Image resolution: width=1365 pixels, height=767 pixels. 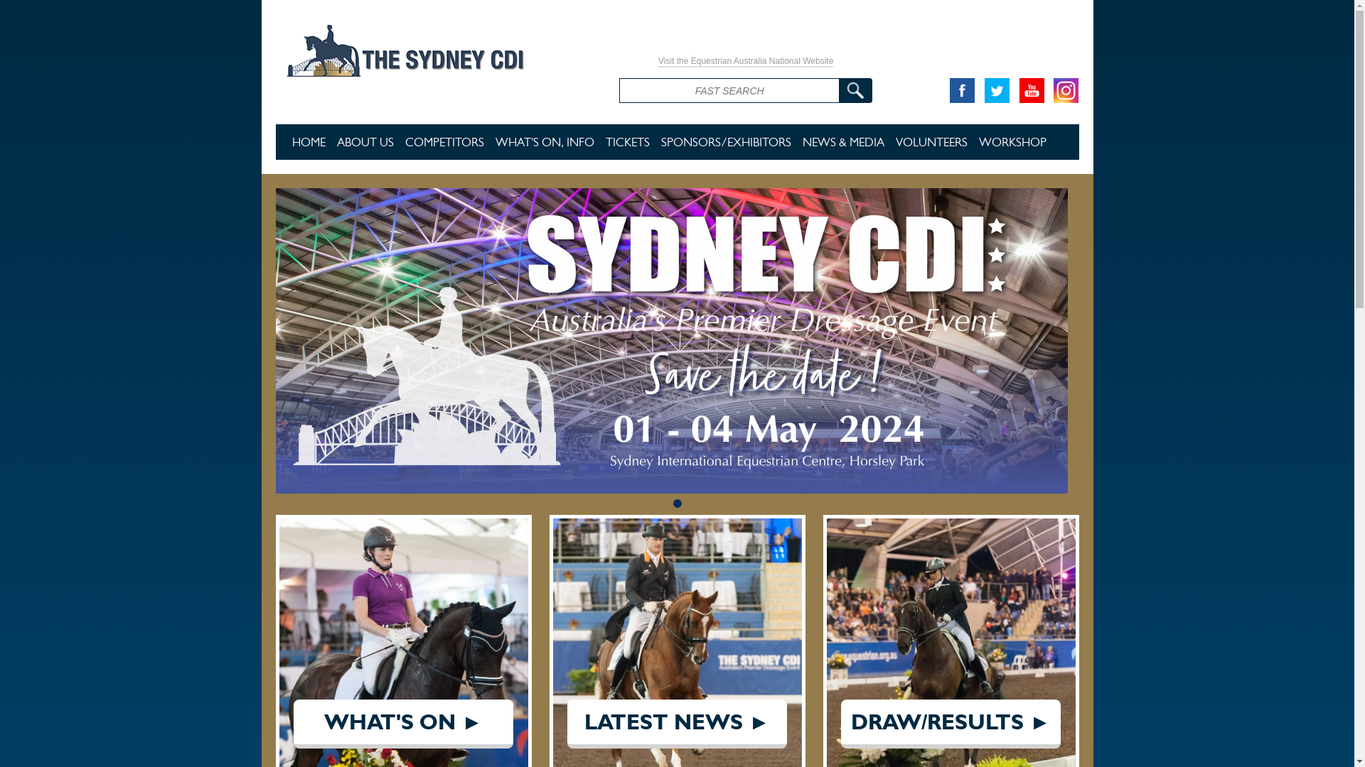 I want to click on 'WORKSHOP', so click(x=1011, y=142).